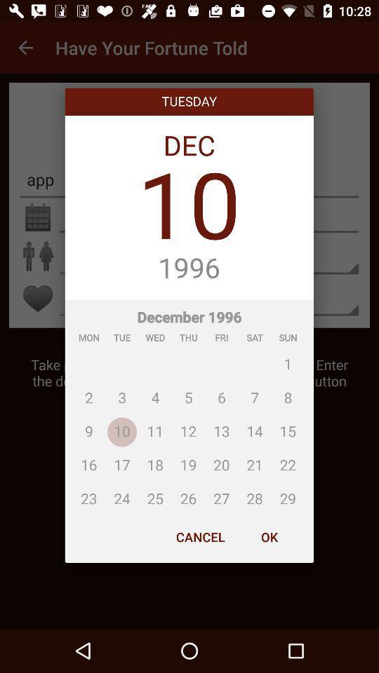 The image size is (379, 673). I want to click on the icon to the left of ok item, so click(199, 536).